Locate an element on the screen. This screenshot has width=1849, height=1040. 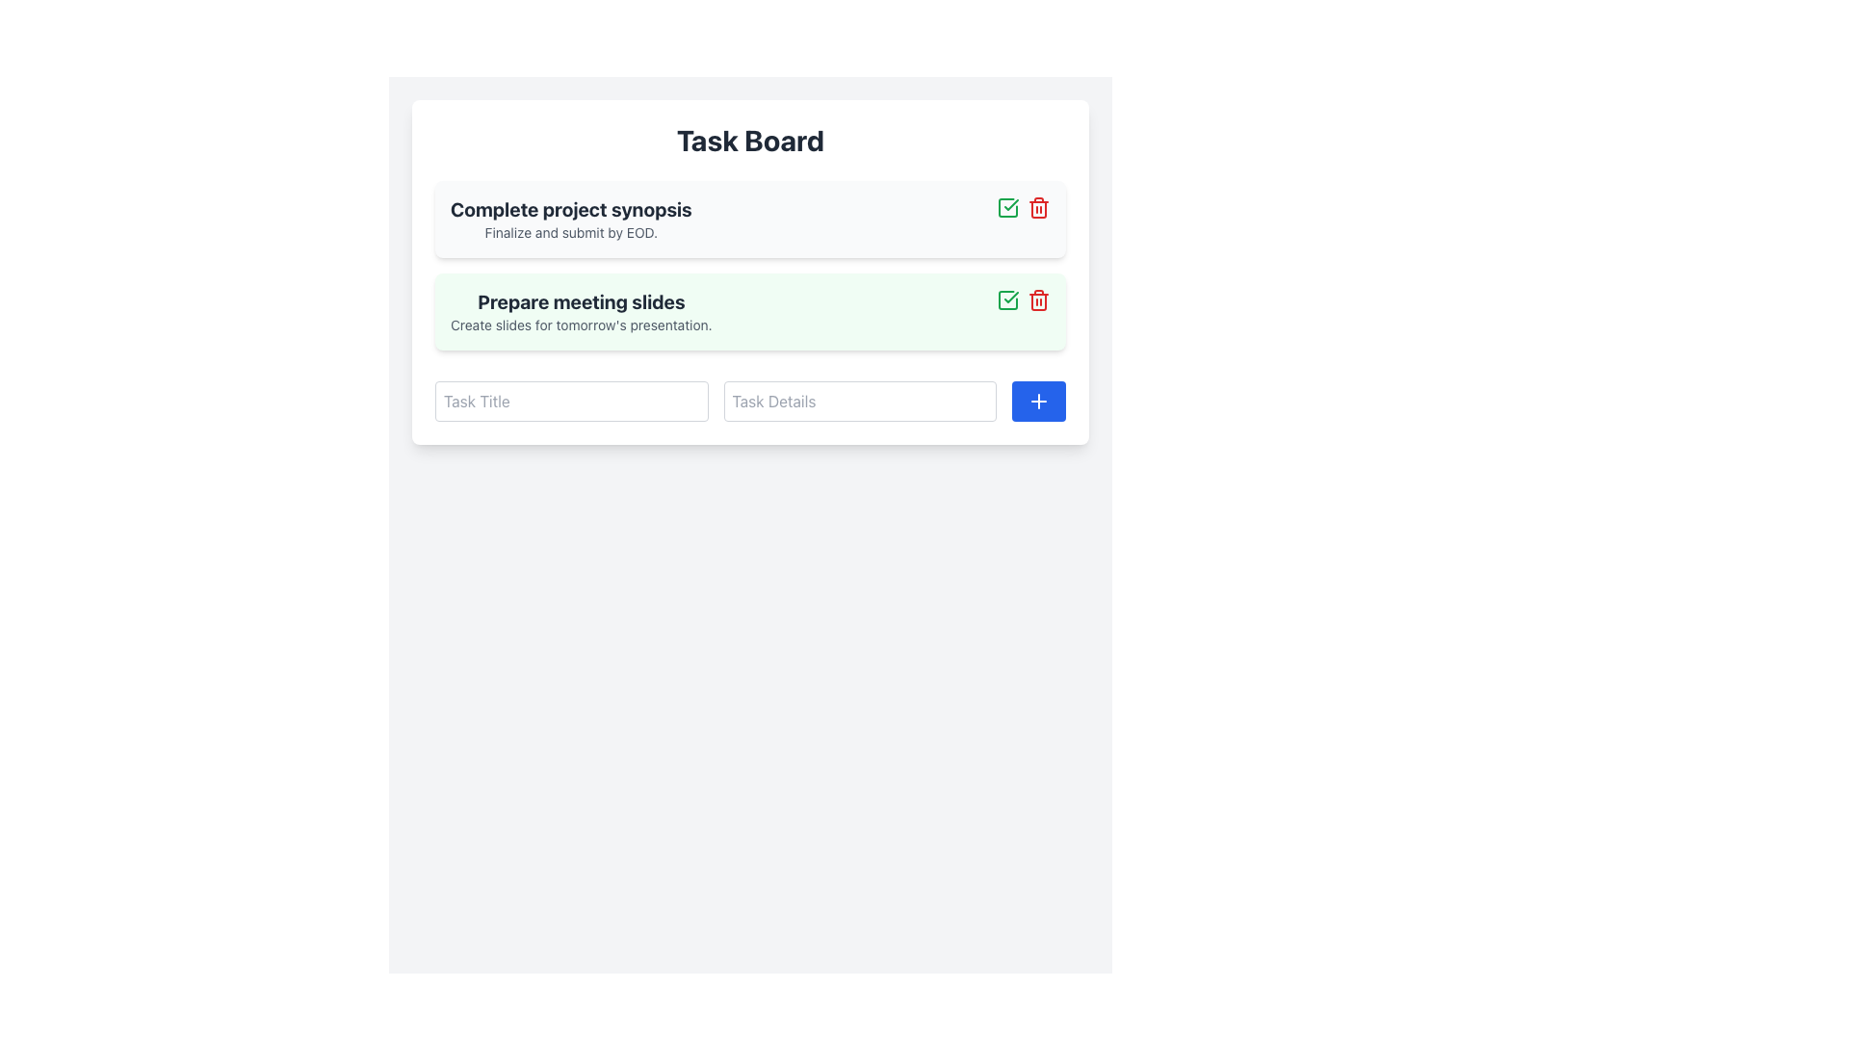
the blue rectangular button with a white plus symbol centered within it, located at the far right of the row of task entry fields is located at coordinates (1038, 400).